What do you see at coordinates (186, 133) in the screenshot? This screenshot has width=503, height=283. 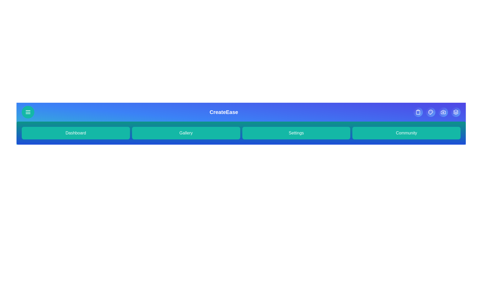 I see `the 'Gallery' button to navigate to the 'Gallery' section` at bounding box center [186, 133].